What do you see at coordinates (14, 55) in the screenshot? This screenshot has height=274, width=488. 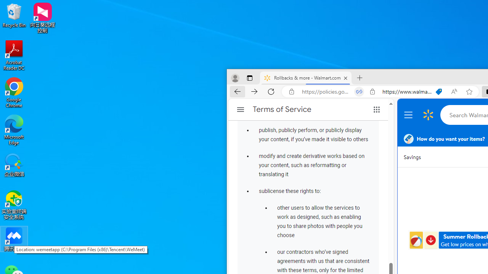 I see `'Acrobat Reader DC'` at bounding box center [14, 55].